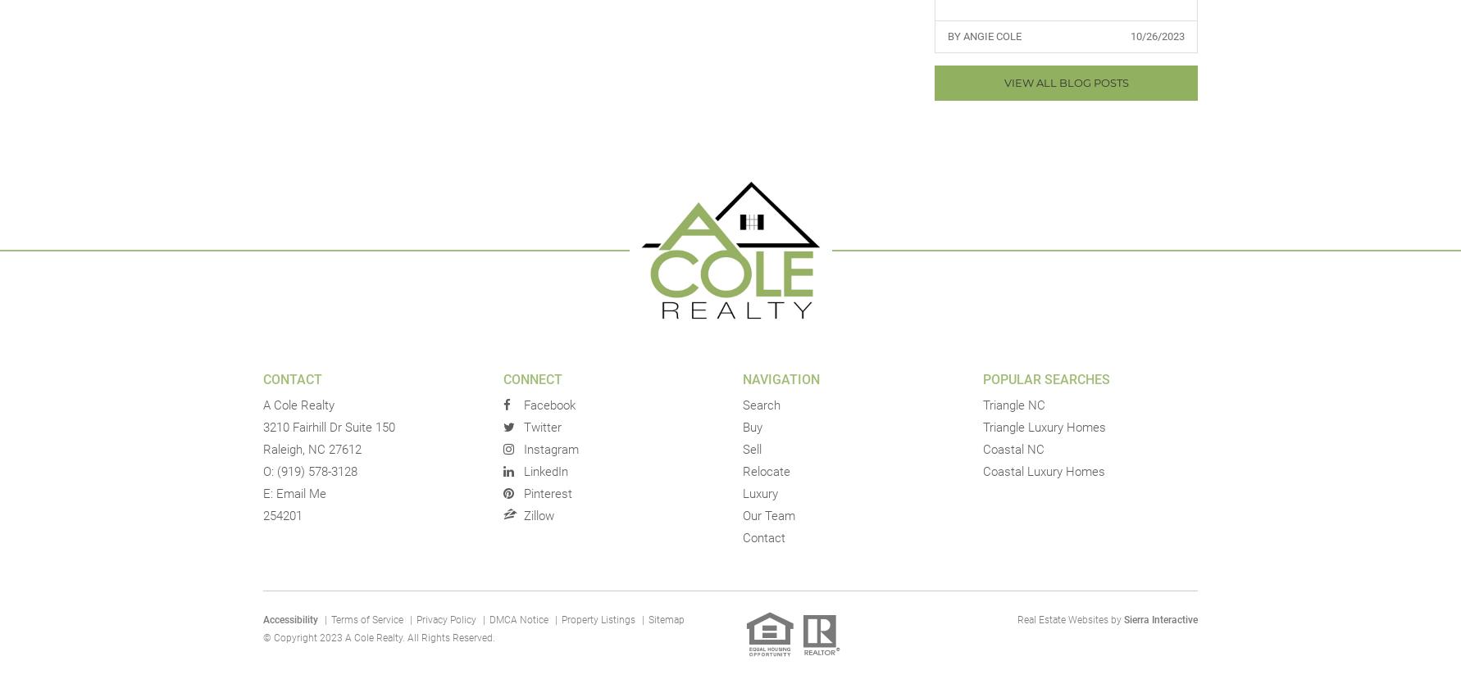 The image size is (1461, 679). Describe the element at coordinates (546, 494) in the screenshot. I see `'Pinterest'` at that location.